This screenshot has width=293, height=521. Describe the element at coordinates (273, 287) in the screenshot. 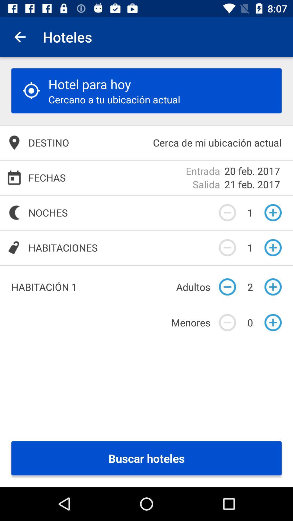

I see `the add icon` at that location.